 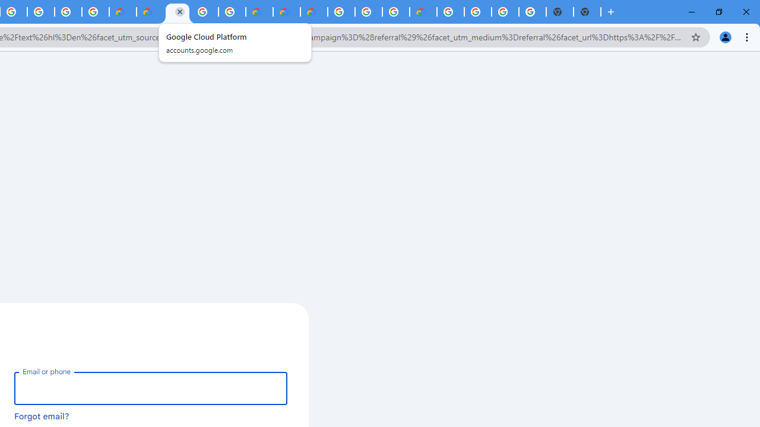 What do you see at coordinates (177, 12) in the screenshot?
I see `'Google Cloud Platform'` at bounding box center [177, 12].